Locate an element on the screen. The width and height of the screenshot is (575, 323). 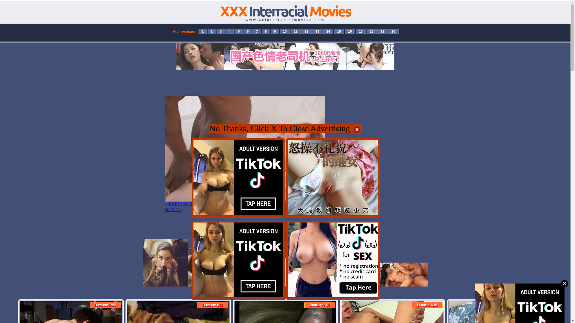
'13' is located at coordinates (317, 31).